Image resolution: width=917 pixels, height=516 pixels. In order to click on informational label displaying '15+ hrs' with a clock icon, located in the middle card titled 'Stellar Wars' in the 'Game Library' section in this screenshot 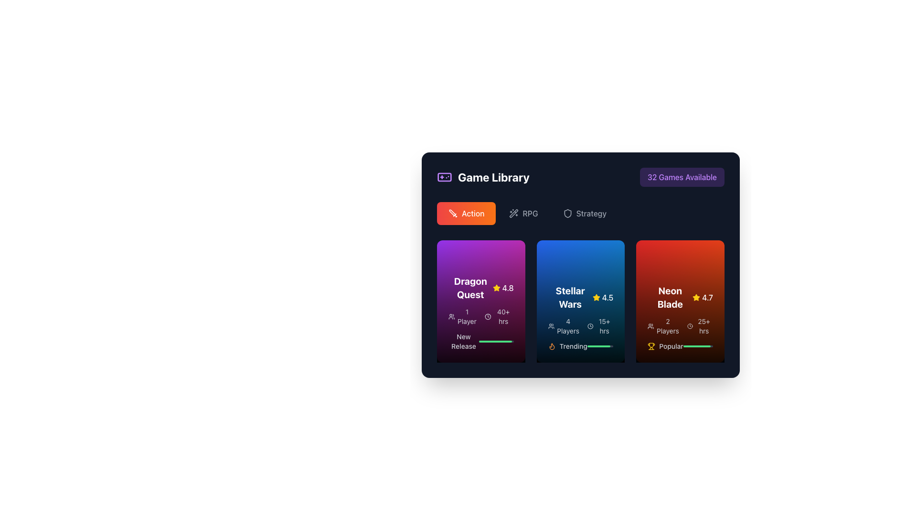, I will do `click(600, 325)`.